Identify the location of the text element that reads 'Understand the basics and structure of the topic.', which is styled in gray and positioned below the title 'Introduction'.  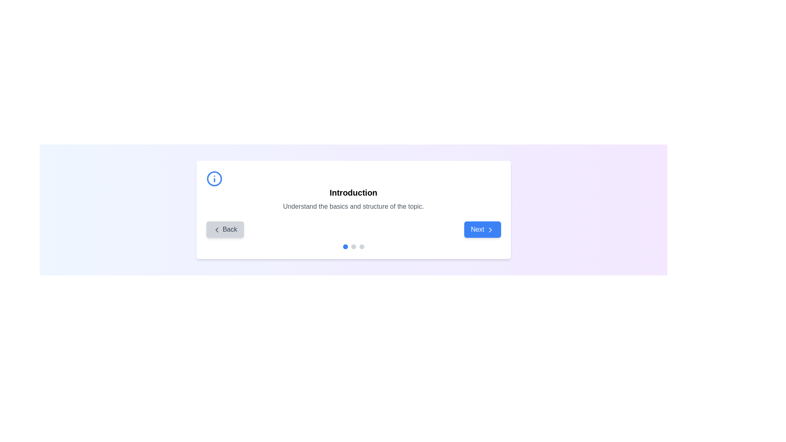
(353, 206).